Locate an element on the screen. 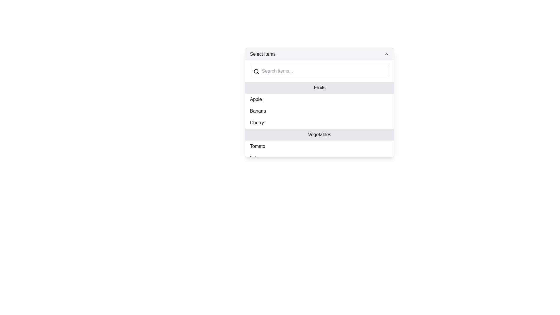  to select the list item labeled 'Banana' in the dropdown menu under the 'Fruits' category is located at coordinates (258, 111).